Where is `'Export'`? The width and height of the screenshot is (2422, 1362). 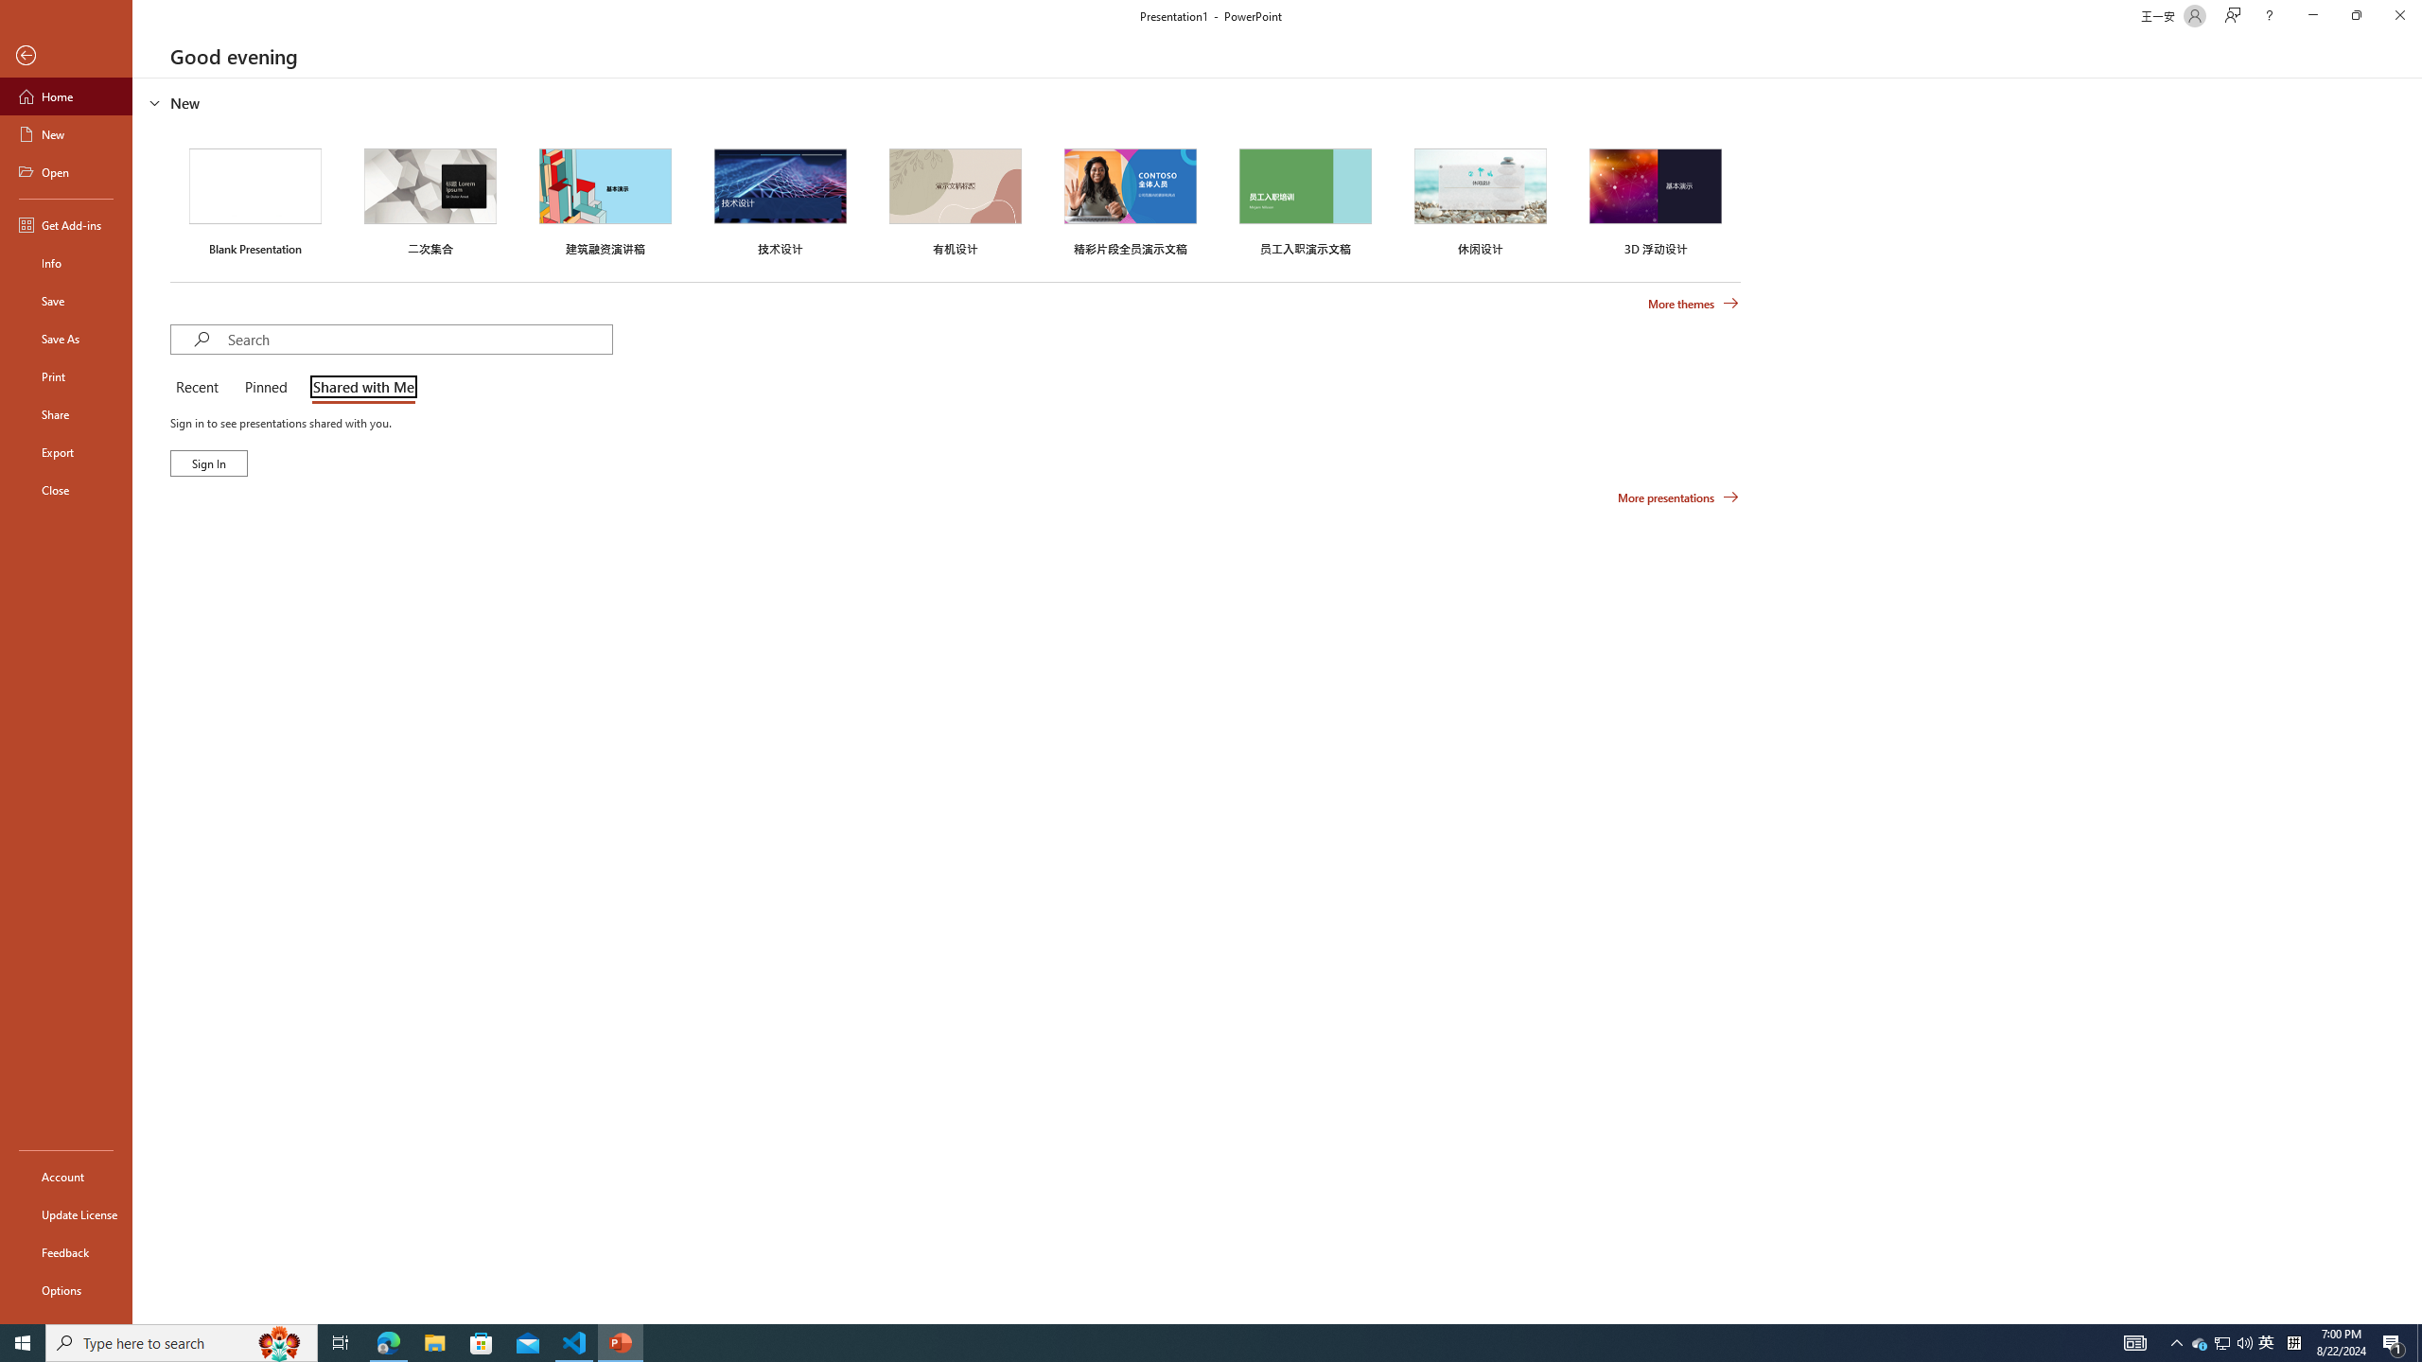 'Export' is located at coordinates (65, 452).